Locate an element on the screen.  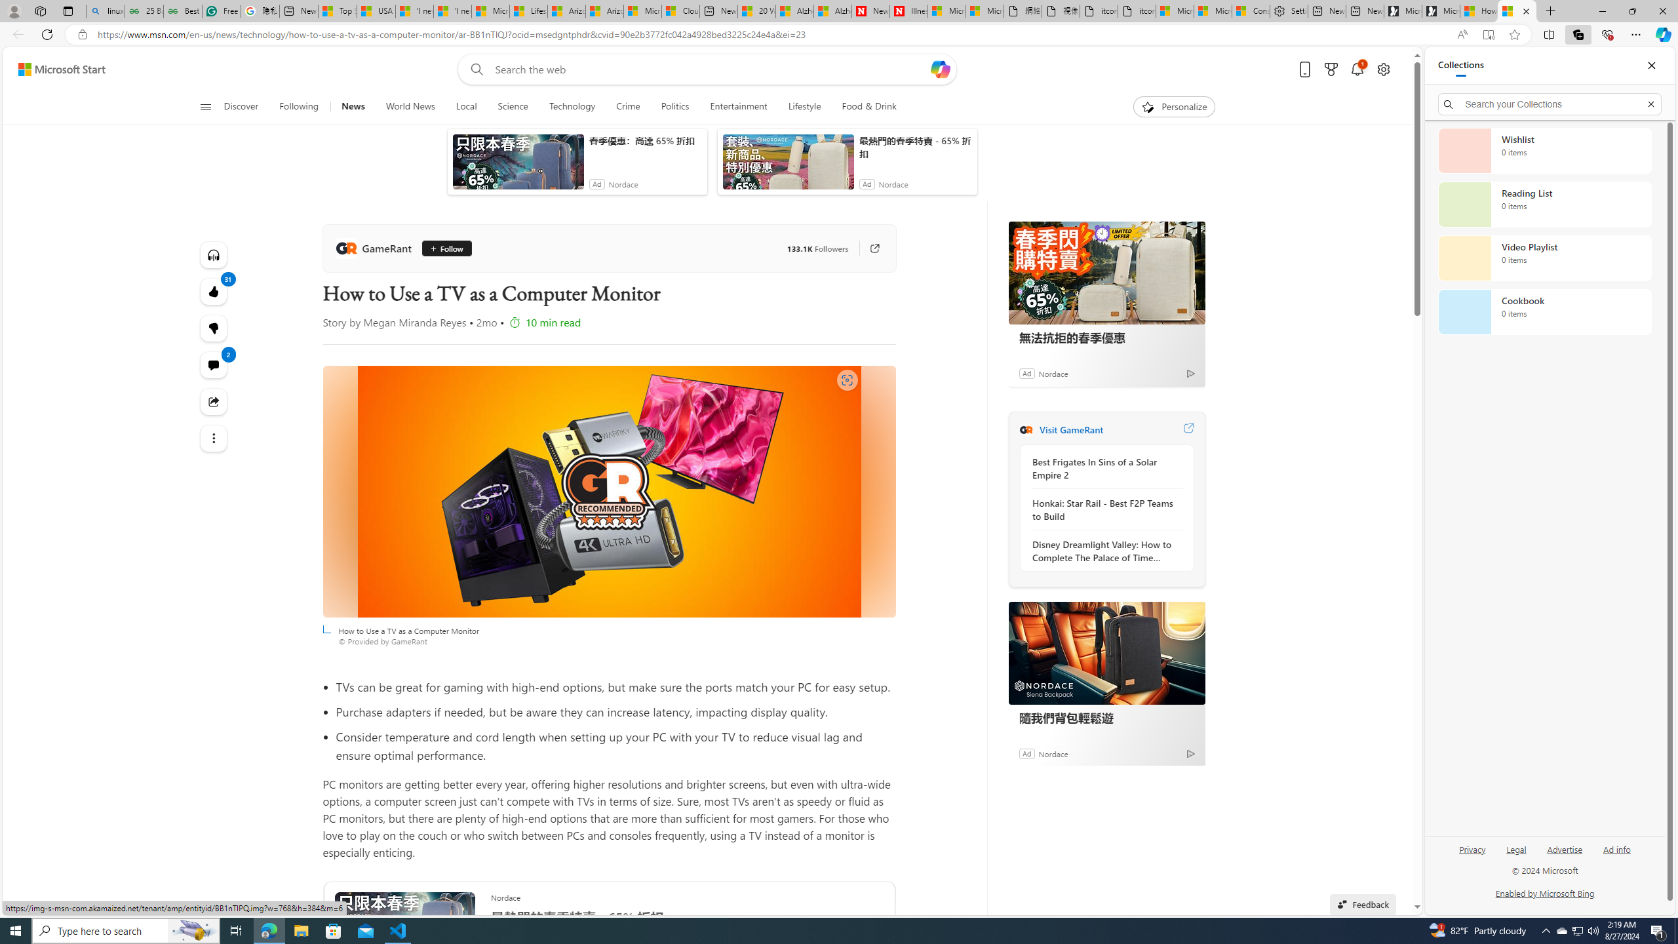
'Dislike' is located at coordinates (213, 328).